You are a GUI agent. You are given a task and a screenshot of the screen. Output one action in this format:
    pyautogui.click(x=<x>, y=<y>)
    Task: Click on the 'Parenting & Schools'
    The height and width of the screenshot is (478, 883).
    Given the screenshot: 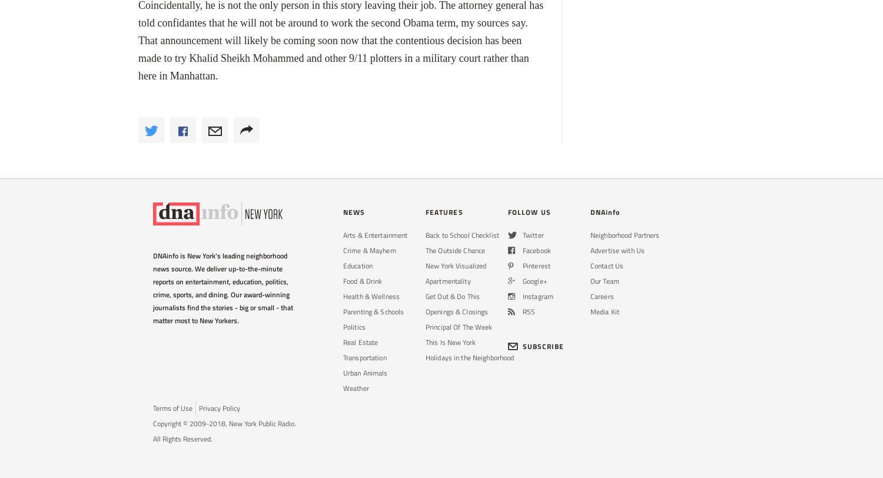 What is the action you would take?
    pyautogui.click(x=373, y=311)
    